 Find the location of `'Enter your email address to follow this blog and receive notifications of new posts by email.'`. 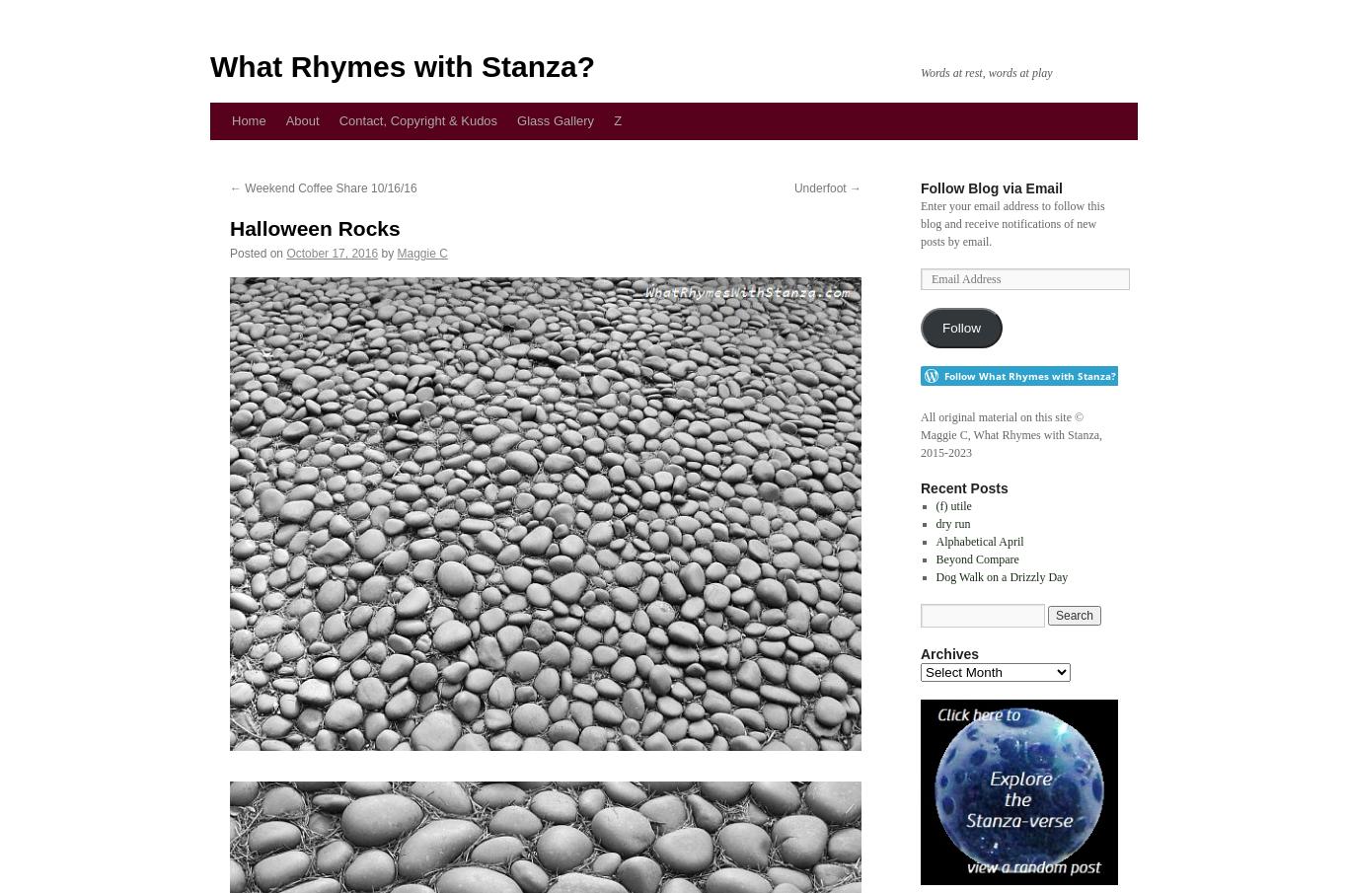

'Enter your email address to follow this blog and receive notifications of new posts by email.' is located at coordinates (1011, 222).